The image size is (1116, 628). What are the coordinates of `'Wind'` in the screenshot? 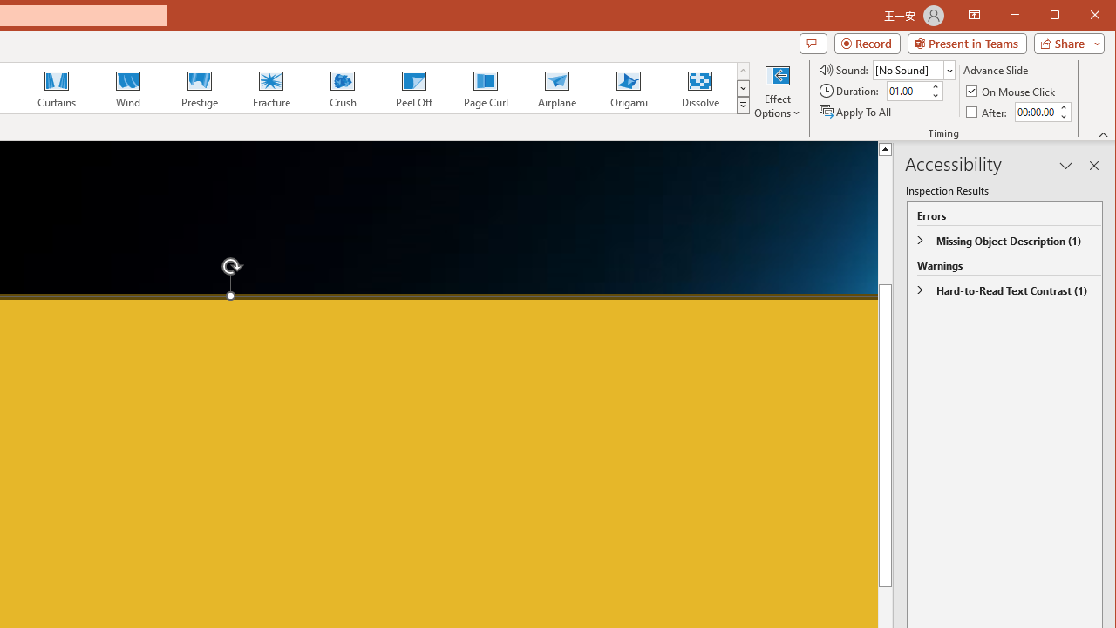 It's located at (127, 87).